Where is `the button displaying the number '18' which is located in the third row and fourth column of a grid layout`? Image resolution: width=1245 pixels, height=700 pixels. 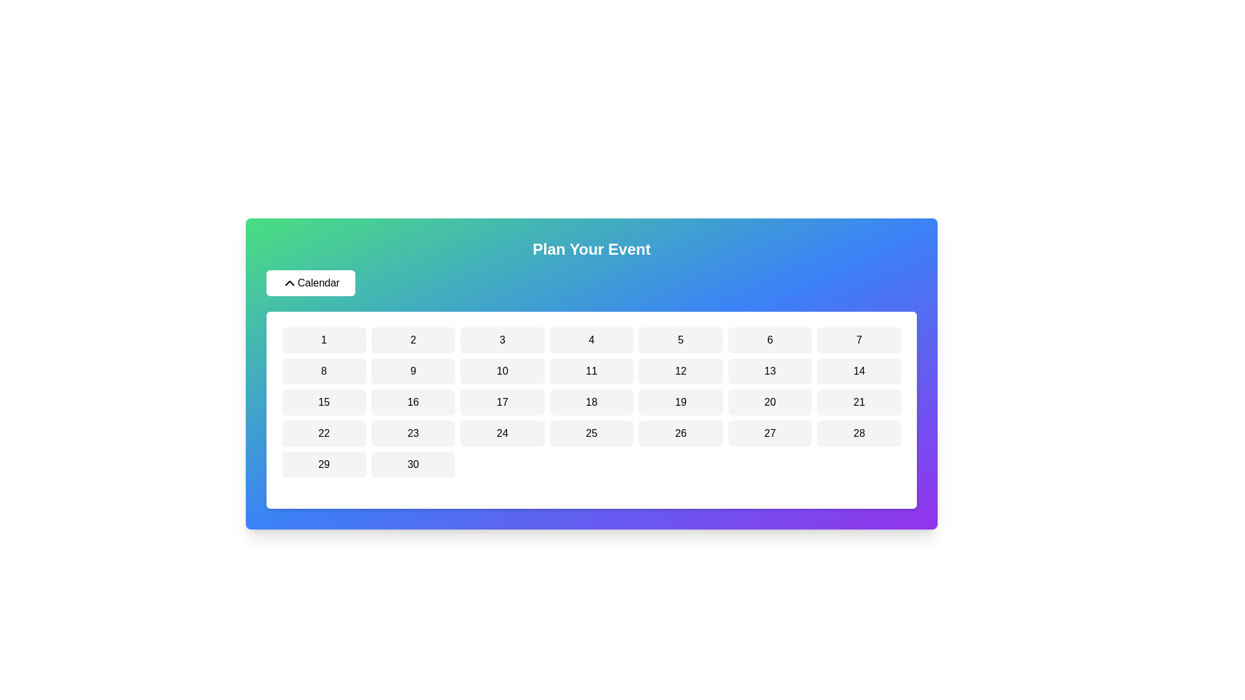
the button displaying the number '18' which is located in the third row and fourth column of a grid layout is located at coordinates (591, 402).